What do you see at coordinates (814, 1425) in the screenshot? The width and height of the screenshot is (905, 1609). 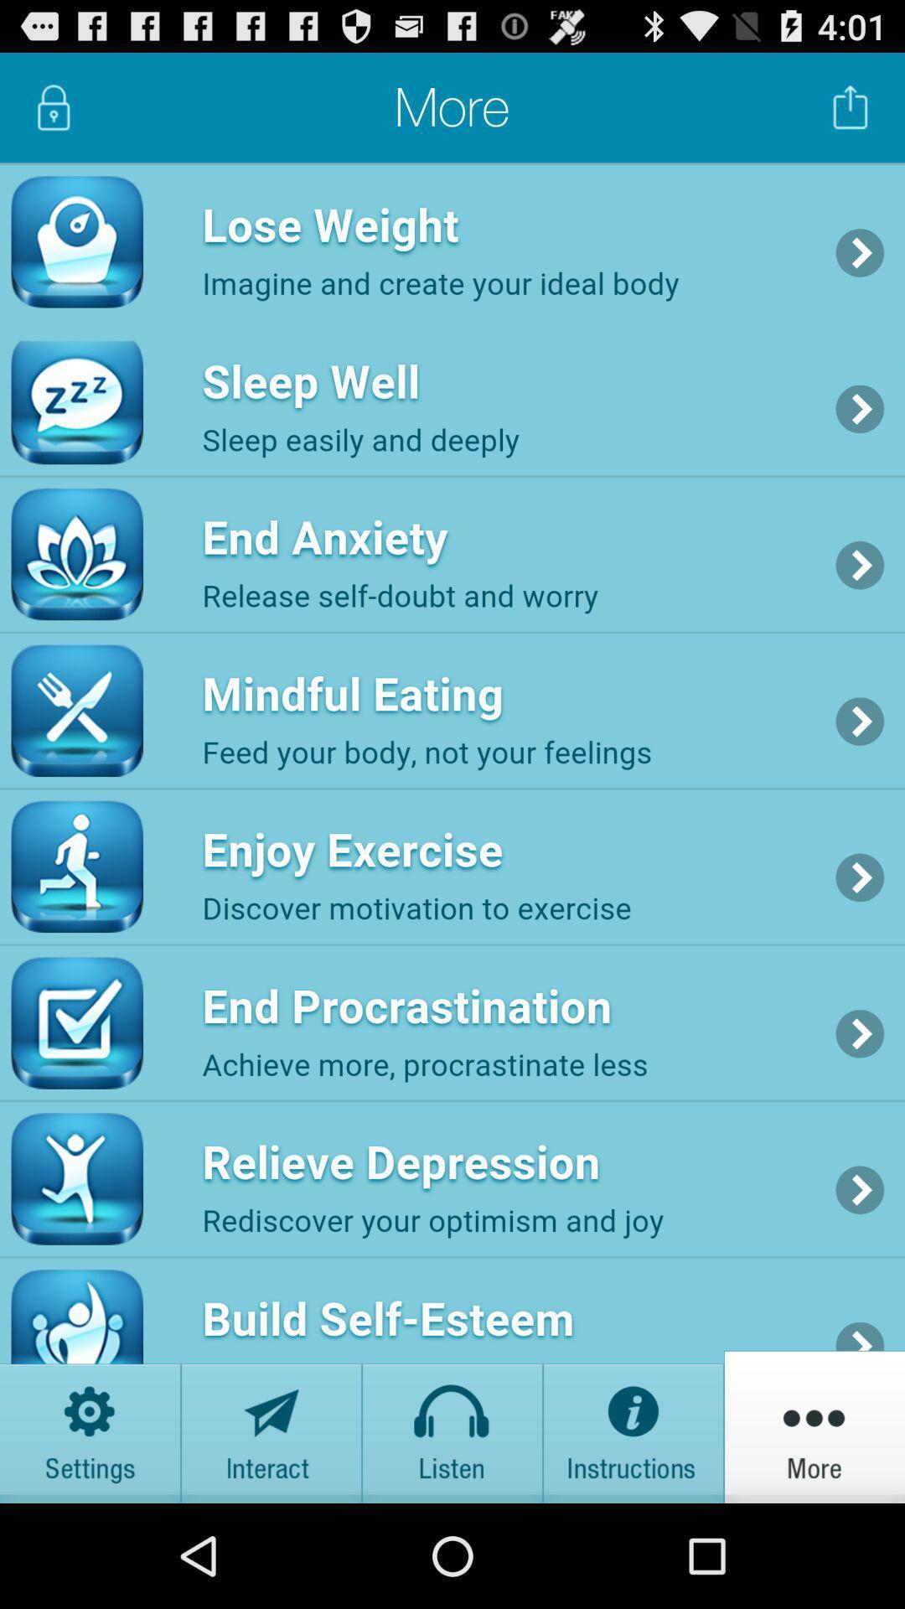 I see `click more options` at bounding box center [814, 1425].